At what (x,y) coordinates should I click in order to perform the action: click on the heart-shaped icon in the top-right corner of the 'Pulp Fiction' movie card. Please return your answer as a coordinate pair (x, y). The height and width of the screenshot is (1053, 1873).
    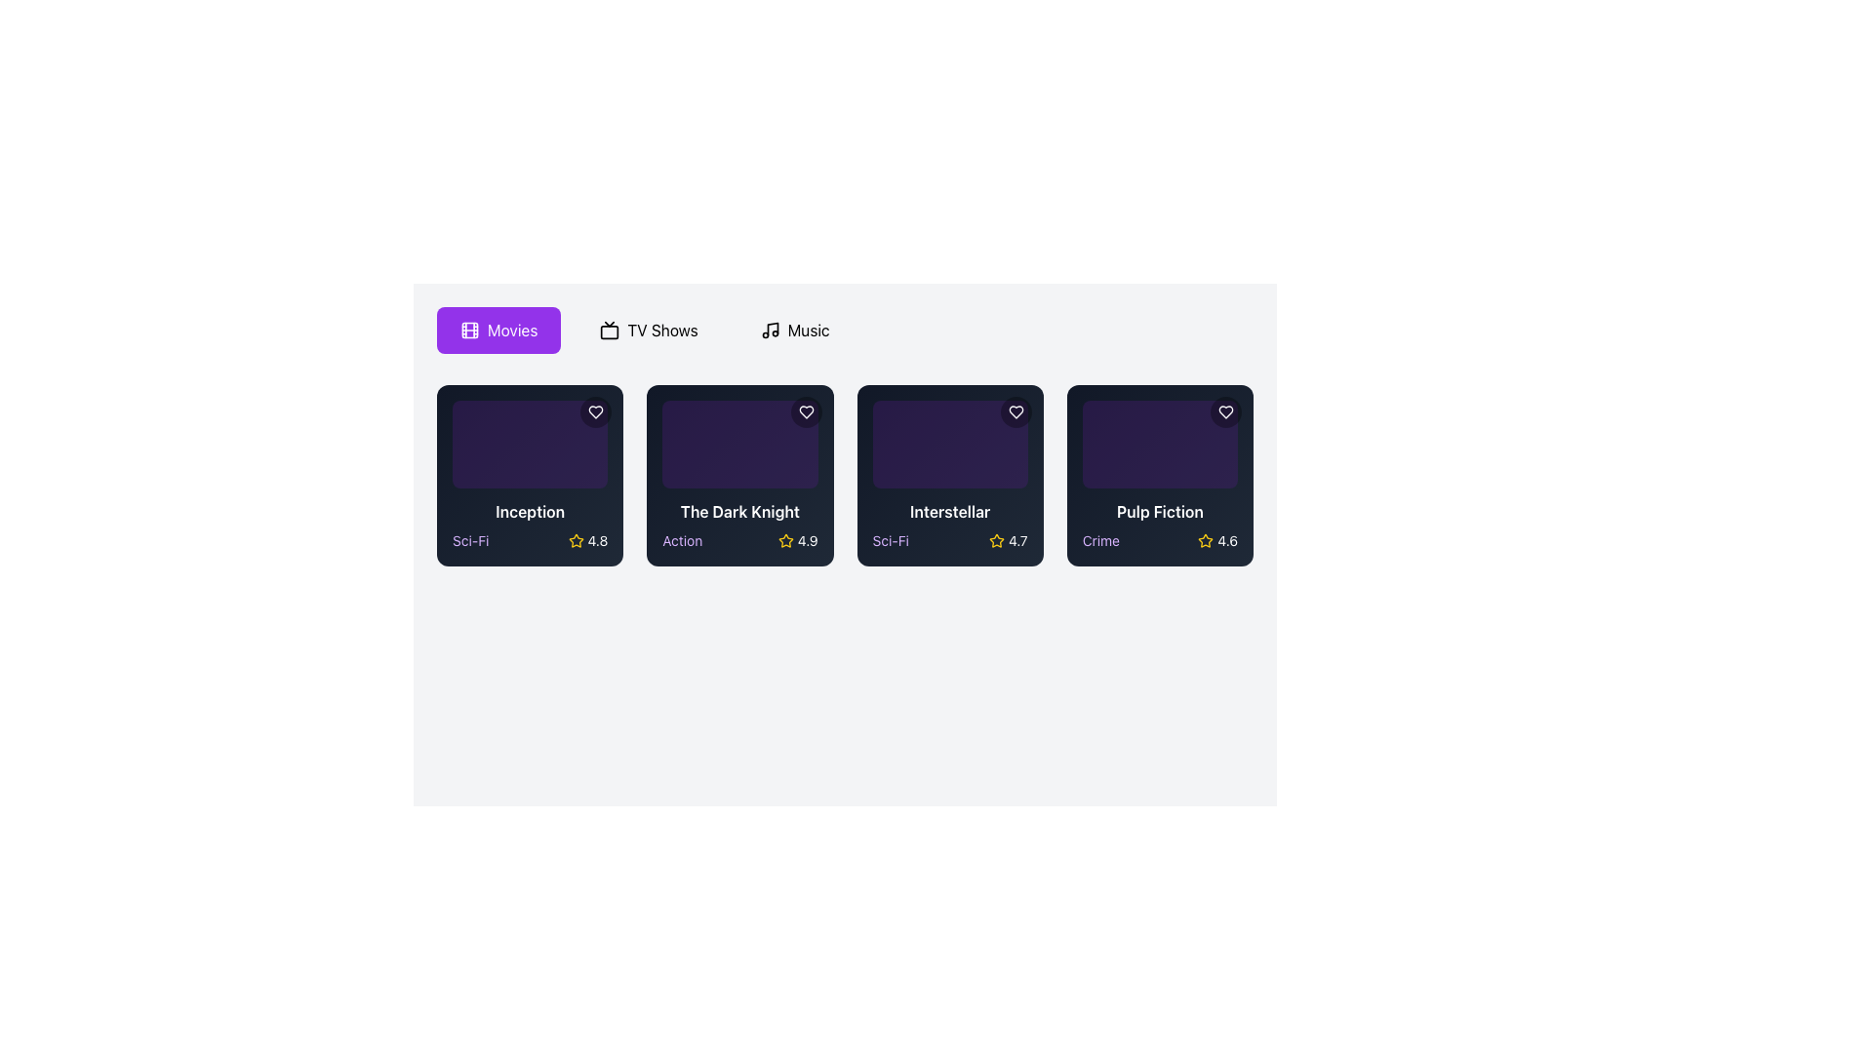
    Looking at the image, I should click on (1225, 411).